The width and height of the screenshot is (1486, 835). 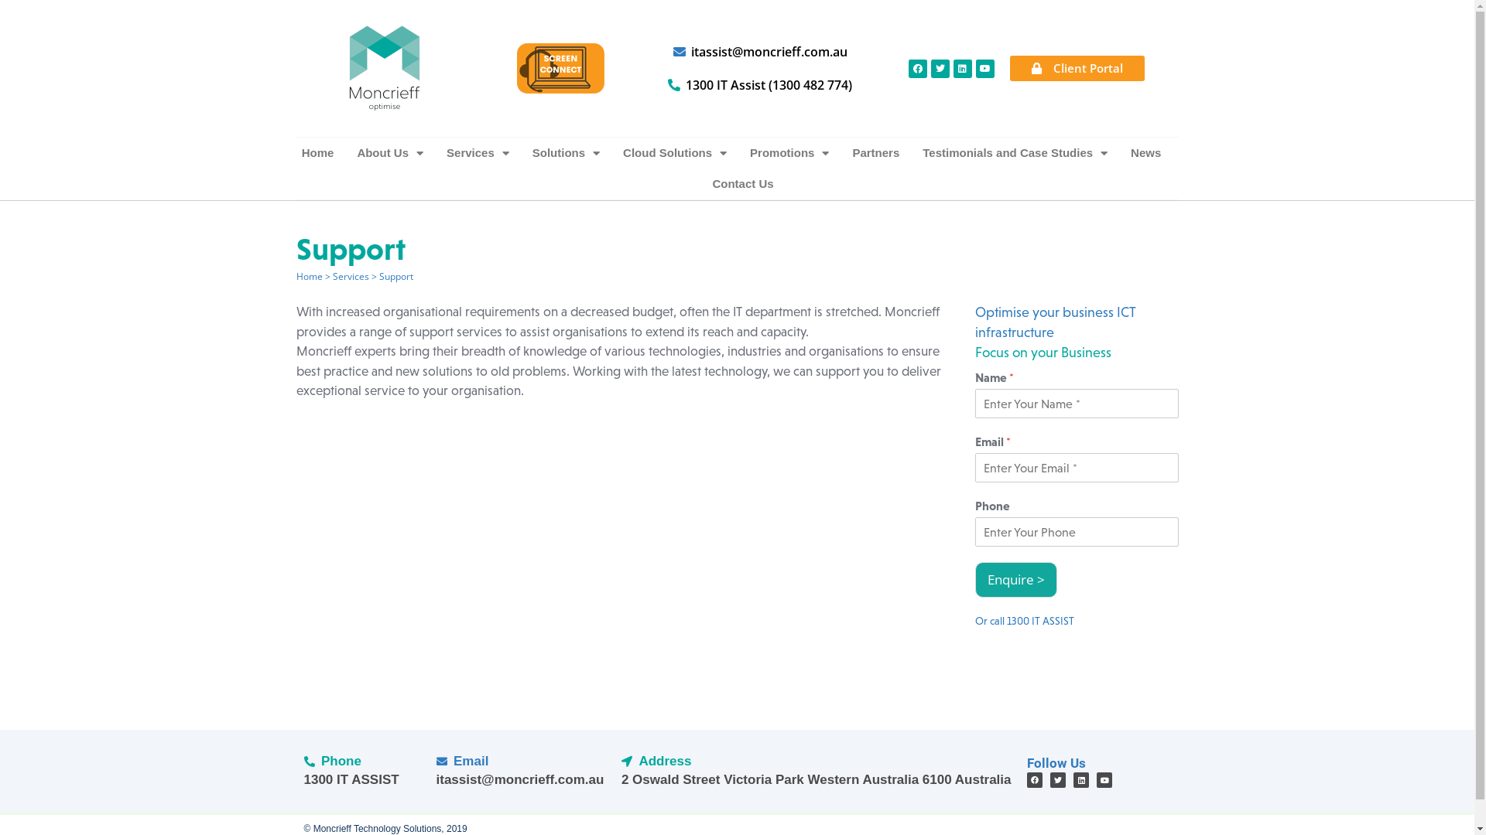 I want to click on 'Services', so click(x=350, y=275).